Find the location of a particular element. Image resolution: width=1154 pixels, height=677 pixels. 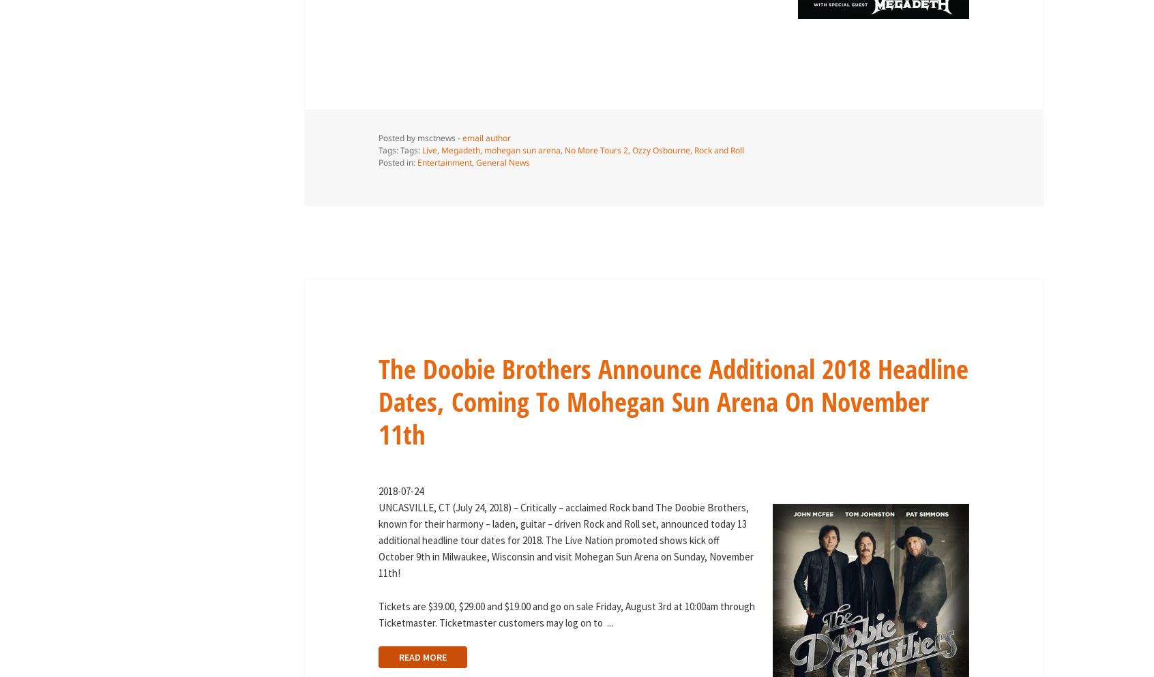

'Tickets are $39.00, $29.00 and $19.00 and go on sale Friday, August 3rd at 10:00am through Ticketmaster. Ticketmaster customers may log on to' is located at coordinates (377, 614).